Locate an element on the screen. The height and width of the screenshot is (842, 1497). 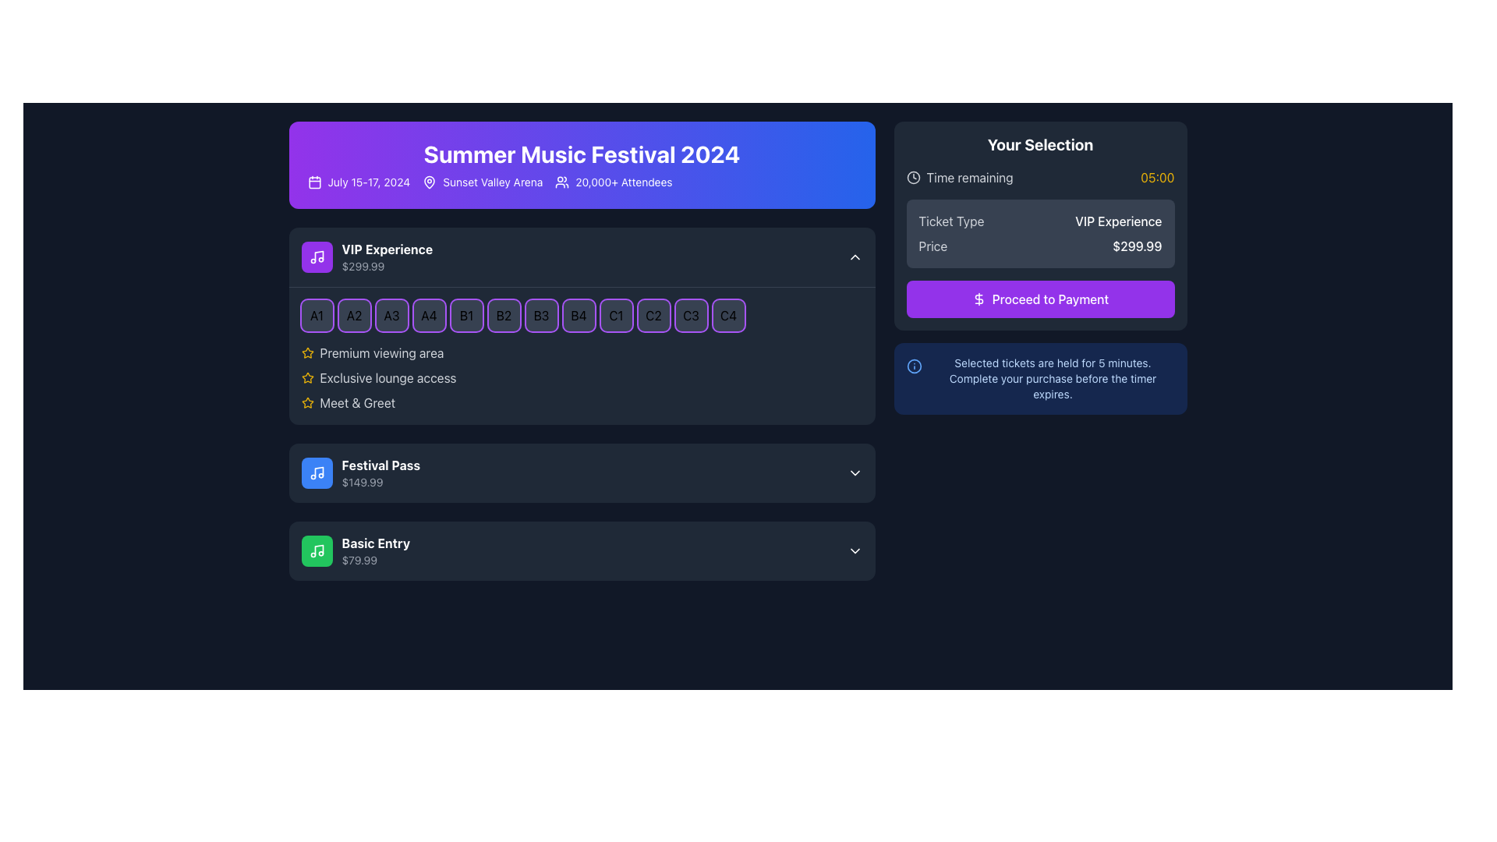
the 'Basic Entry' music-related ticket category icon, which is located at the center of a rounded rectangular button with a green background is located at coordinates (316, 550).